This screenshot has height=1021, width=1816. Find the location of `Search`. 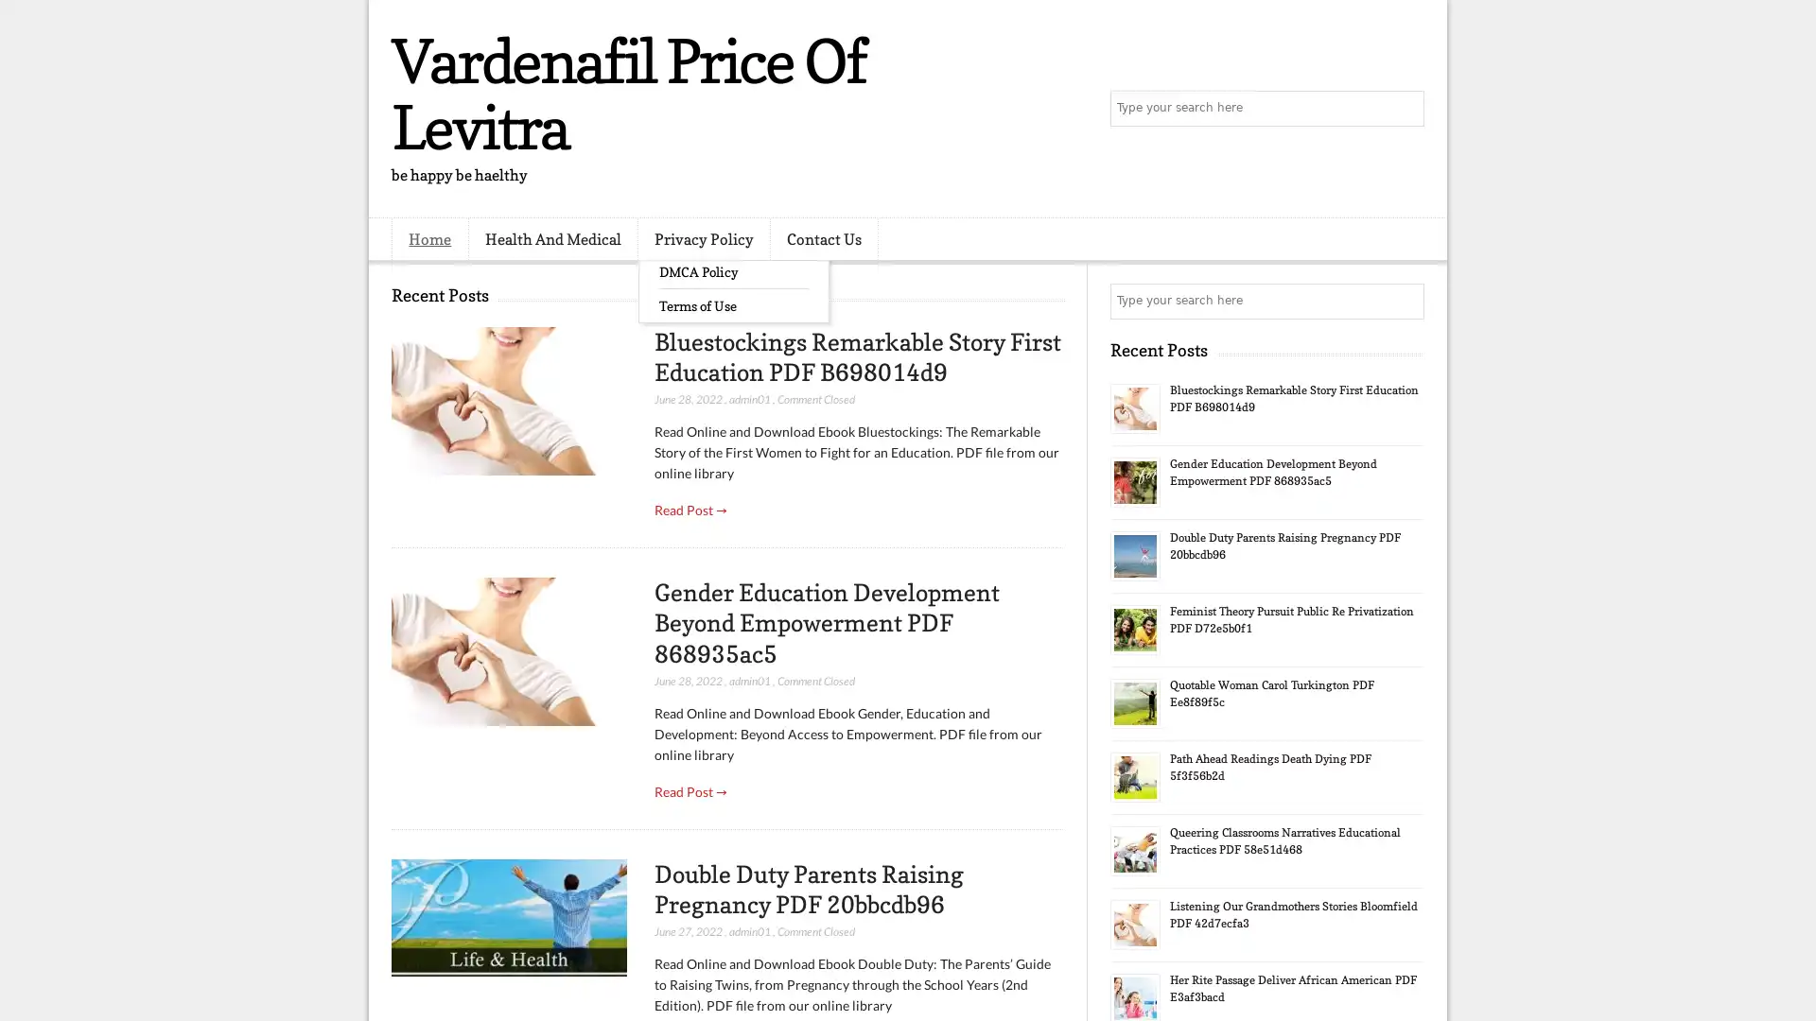

Search is located at coordinates (1405, 109).